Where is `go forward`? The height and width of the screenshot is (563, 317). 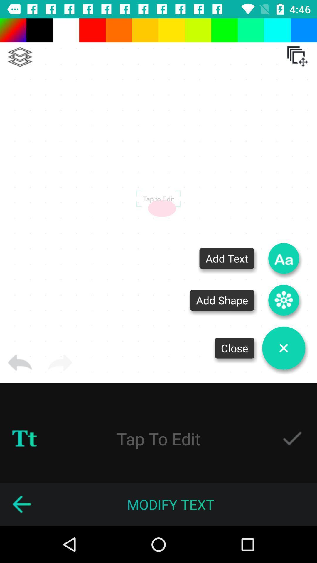
go forward is located at coordinates (60, 362).